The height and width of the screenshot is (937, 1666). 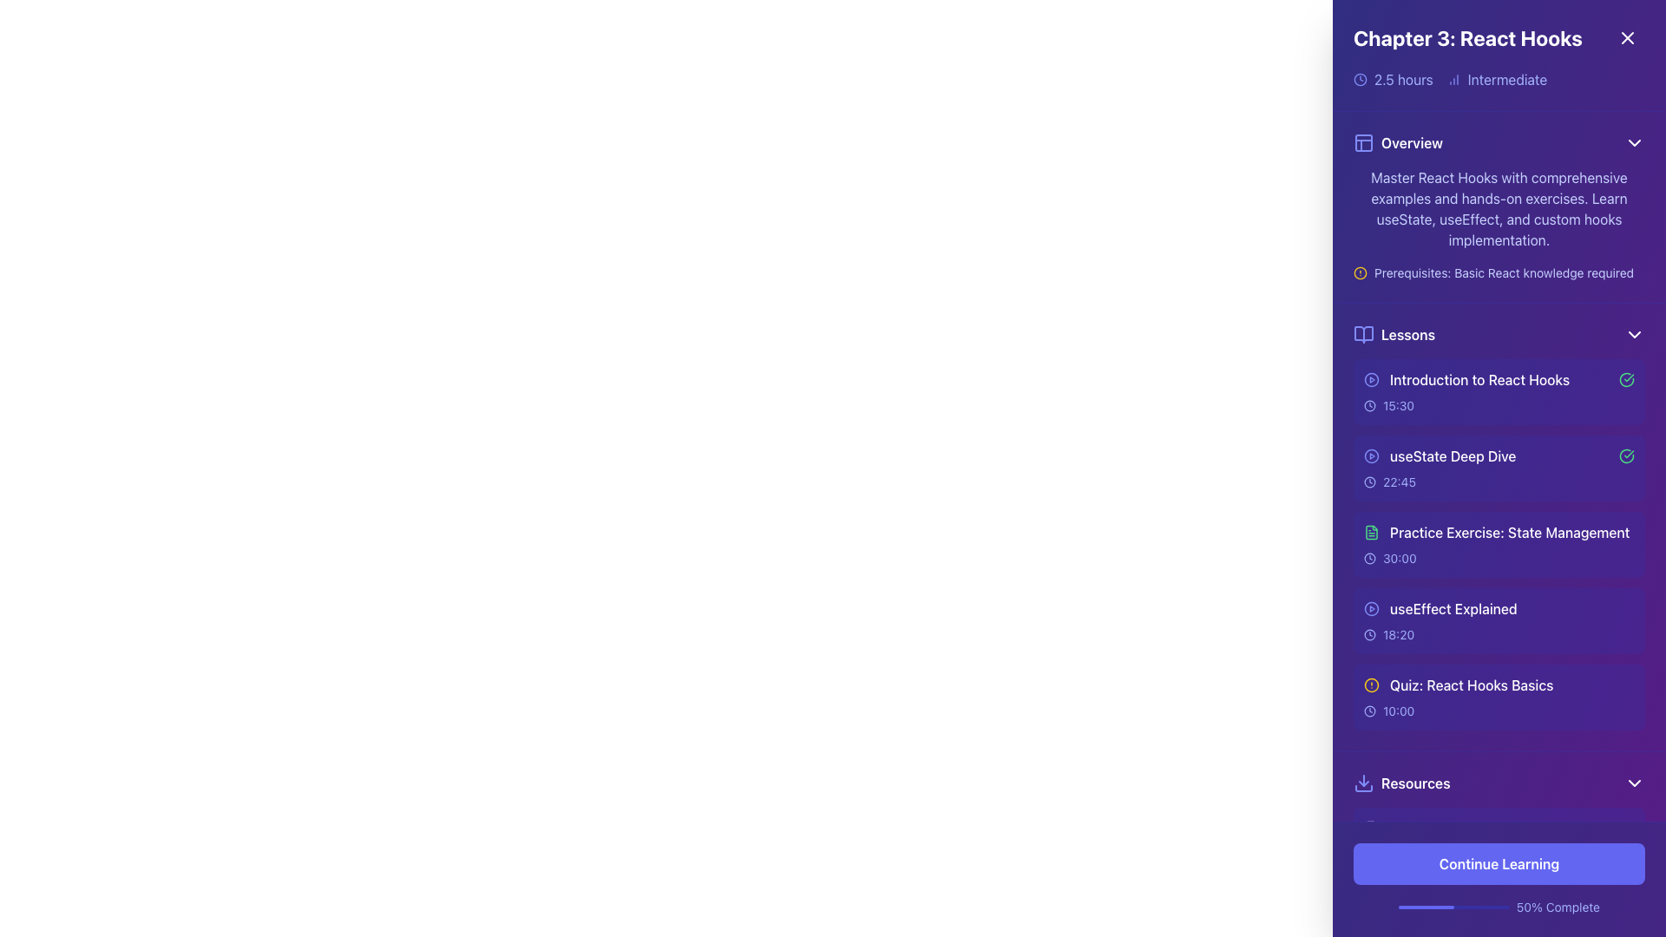 What do you see at coordinates (1453, 906) in the screenshot?
I see `the progress bar indicating 50% completion of a task, which is centrally positioned below the 'Continue Learning' button` at bounding box center [1453, 906].